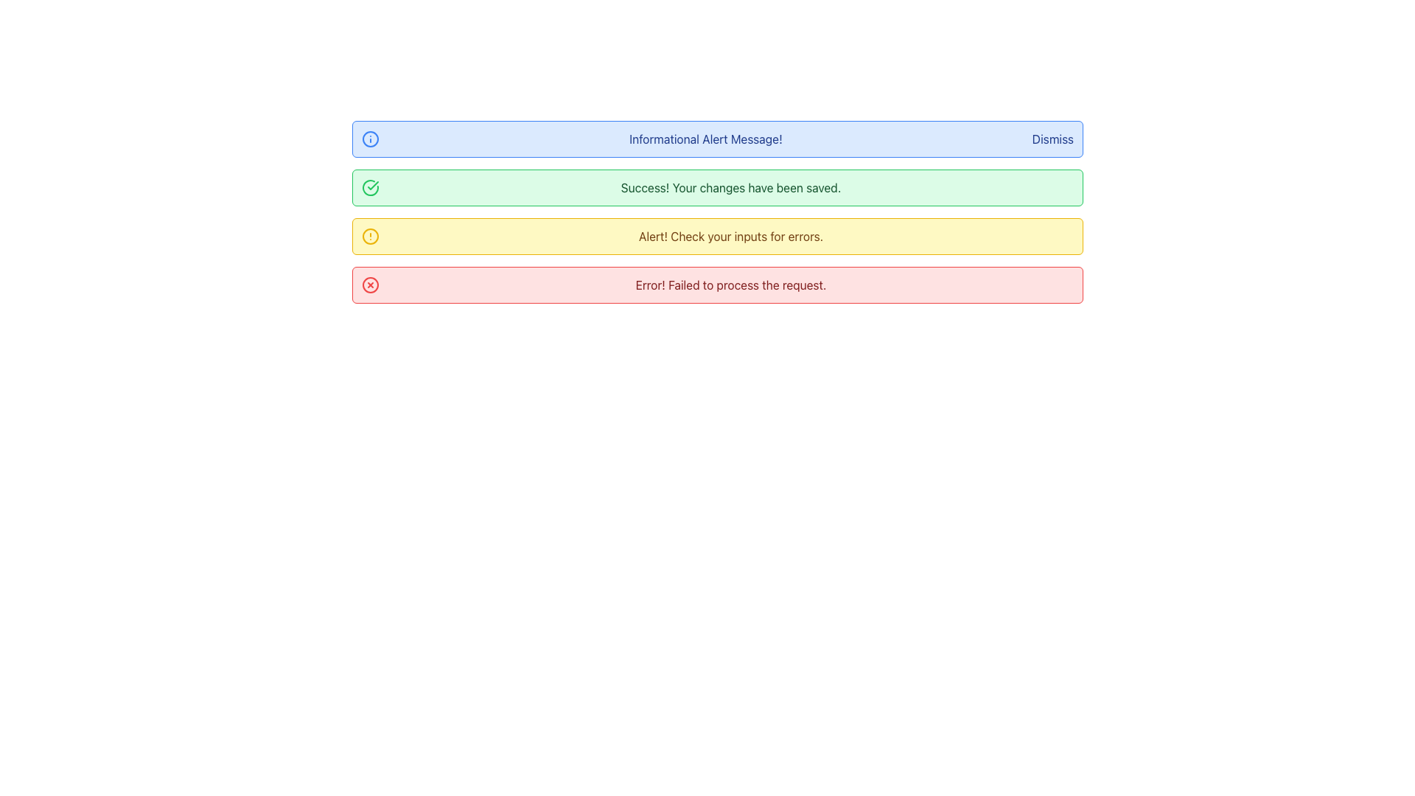 The height and width of the screenshot is (796, 1415). I want to click on the 'Dismiss' button within the blue alert box, so click(1052, 139).